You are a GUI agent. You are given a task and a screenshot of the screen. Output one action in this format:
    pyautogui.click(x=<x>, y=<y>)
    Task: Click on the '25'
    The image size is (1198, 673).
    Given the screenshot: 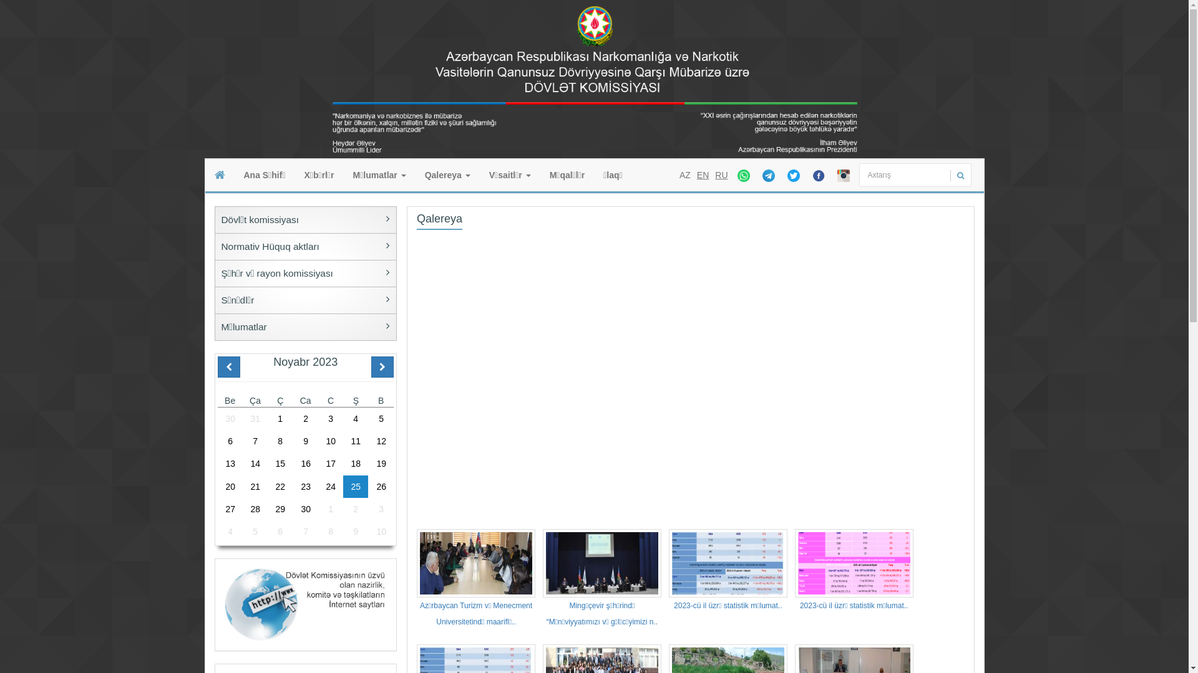 What is the action you would take?
    pyautogui.click(x=355, y=485)
    